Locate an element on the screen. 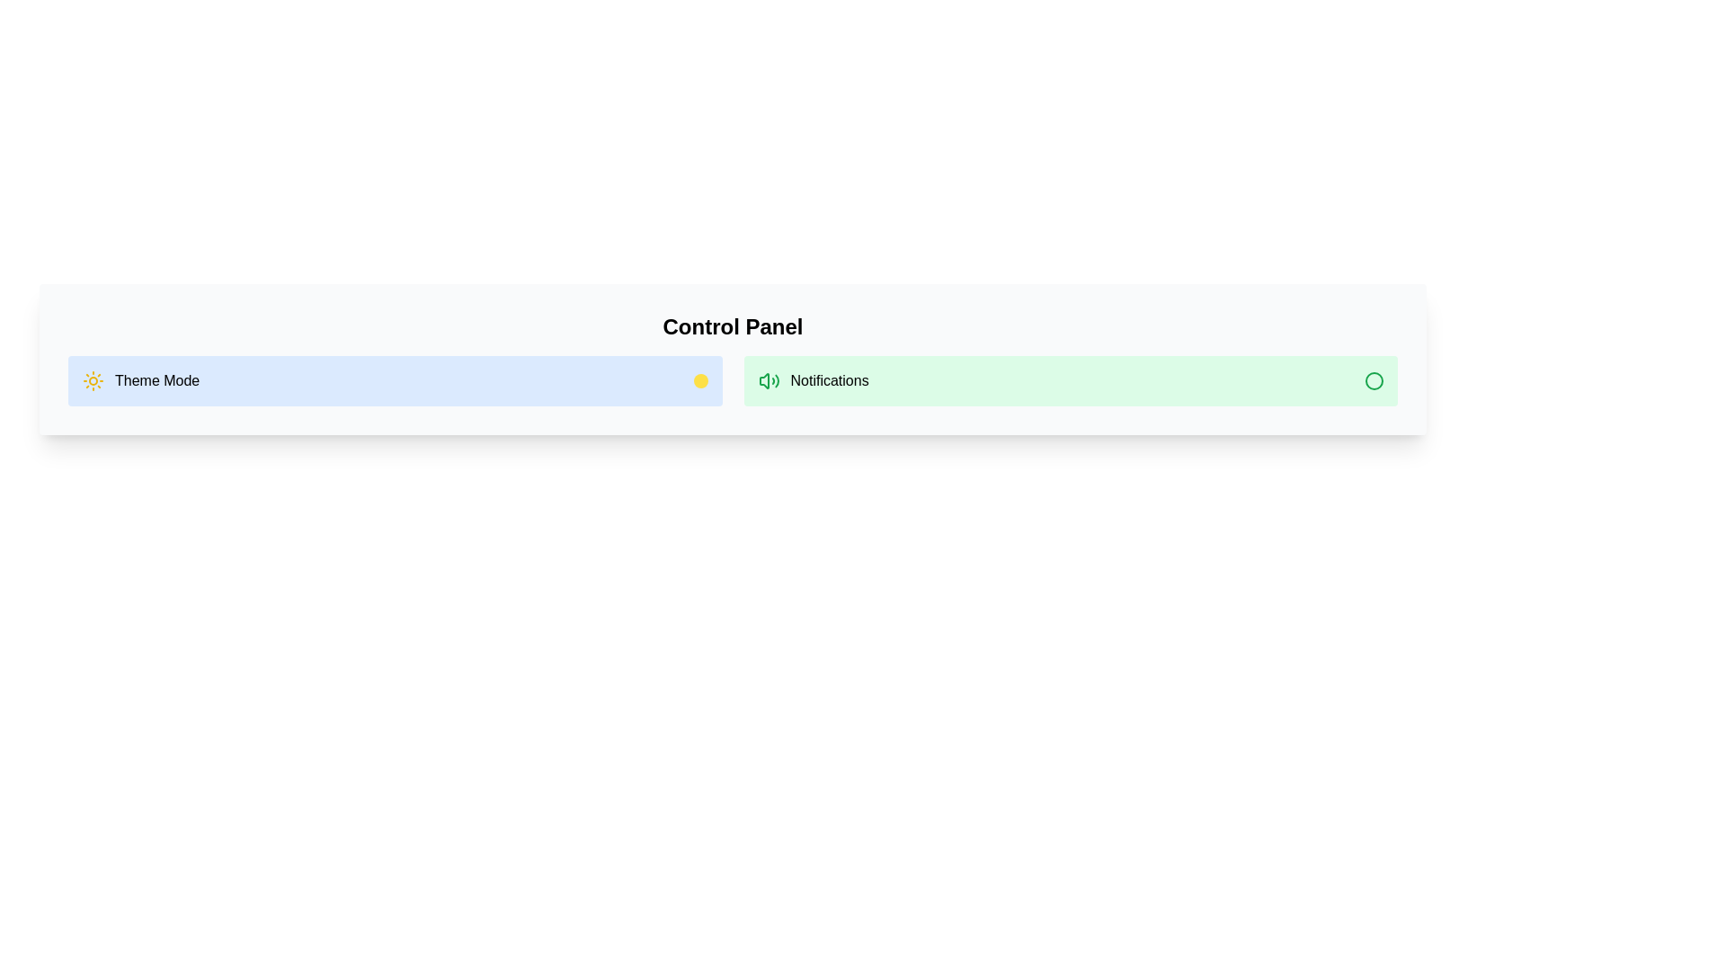  the 'Theme Mode' segment of the Grid Layout within the Control Panel, which has a blue background is located at coordinates (733, 380).